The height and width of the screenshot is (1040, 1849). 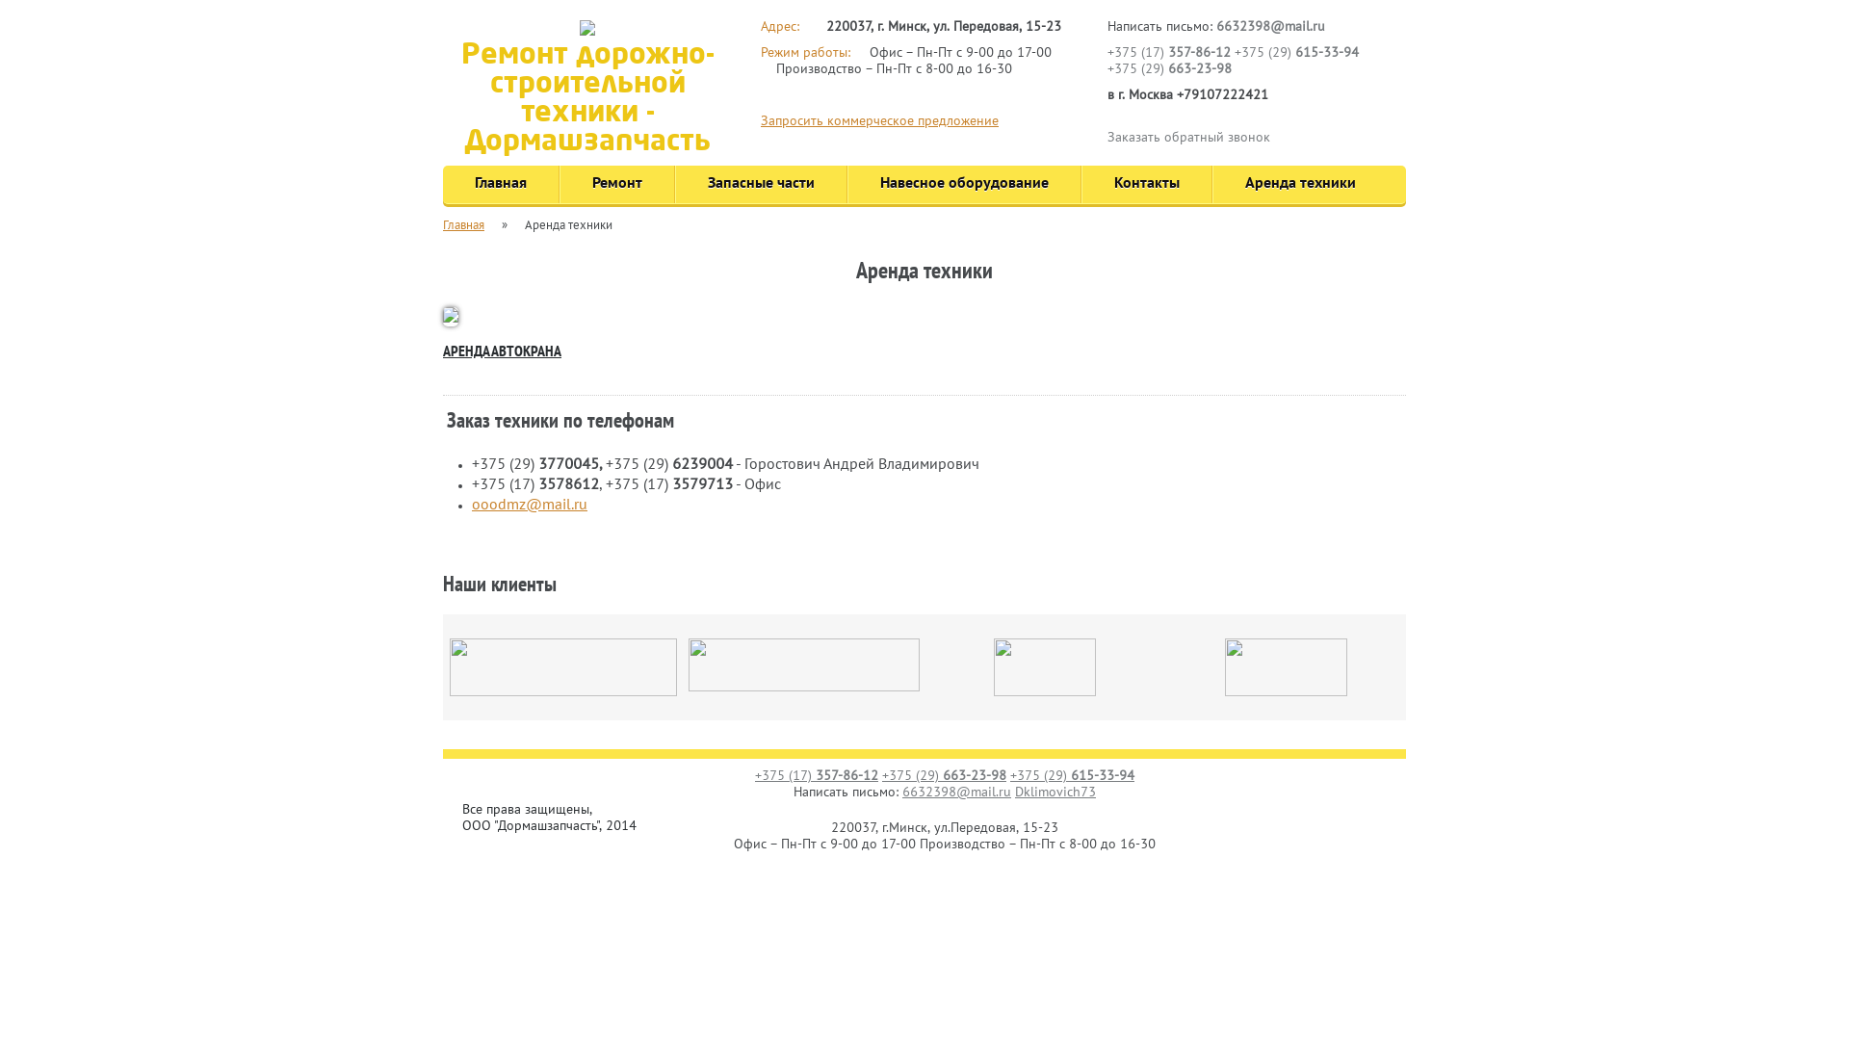 What do you see at coordinates (1234, 52) in the screenshot?
I see `'+375 (29) 615-33-94'` at bounding box center [1234, 52].